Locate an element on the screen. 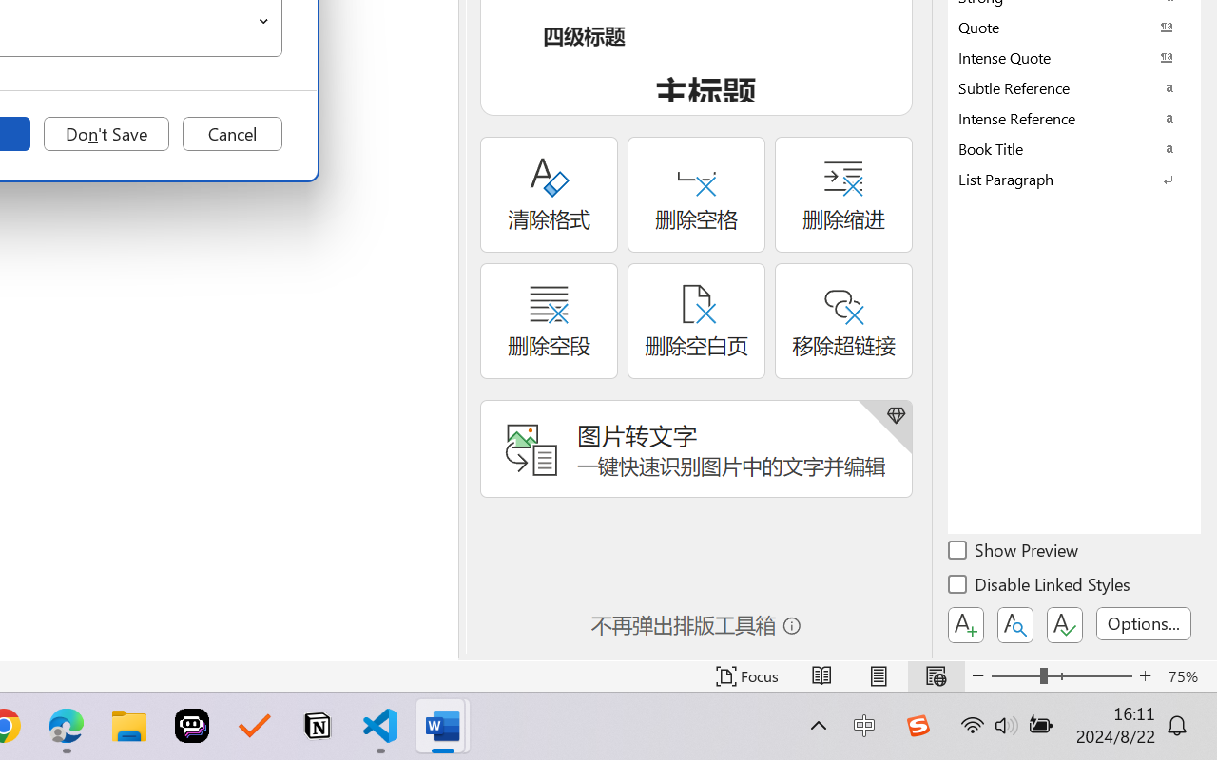 The height and width of the screenshot is (760, 1217). 'Zoom' is located at coordinates (1060, 675).